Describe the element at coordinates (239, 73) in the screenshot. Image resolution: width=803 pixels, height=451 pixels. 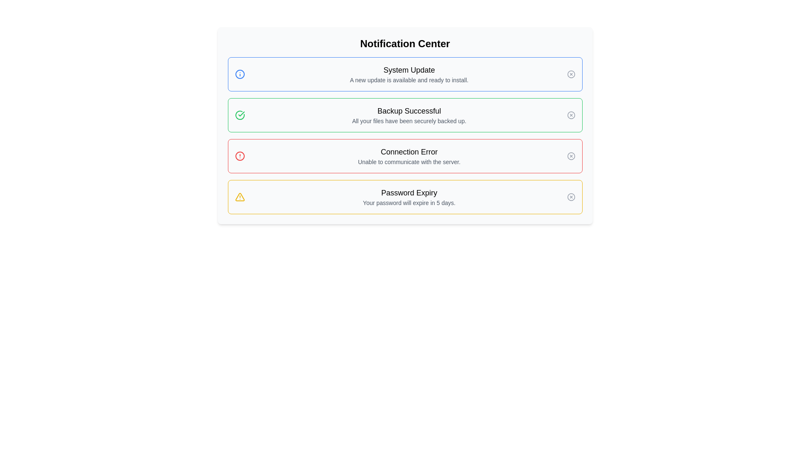
I see `the first SVG Circle element in the notification center, which has no fill color and a stroke applied` at that location.